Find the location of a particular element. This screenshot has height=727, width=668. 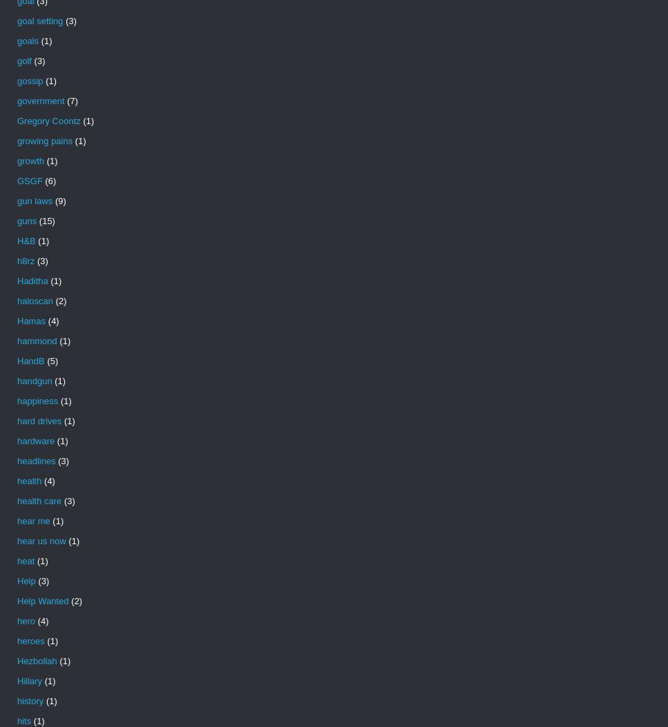

'GSGF' is located at coordinates (28, 181).